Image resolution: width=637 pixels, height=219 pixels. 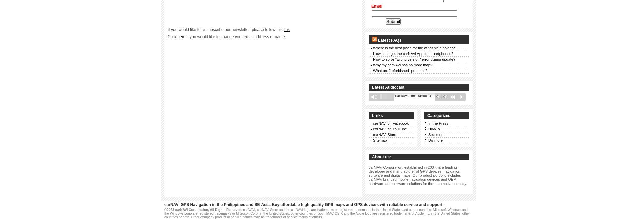 I want to click on 'Click', so click(x=172, y=37).